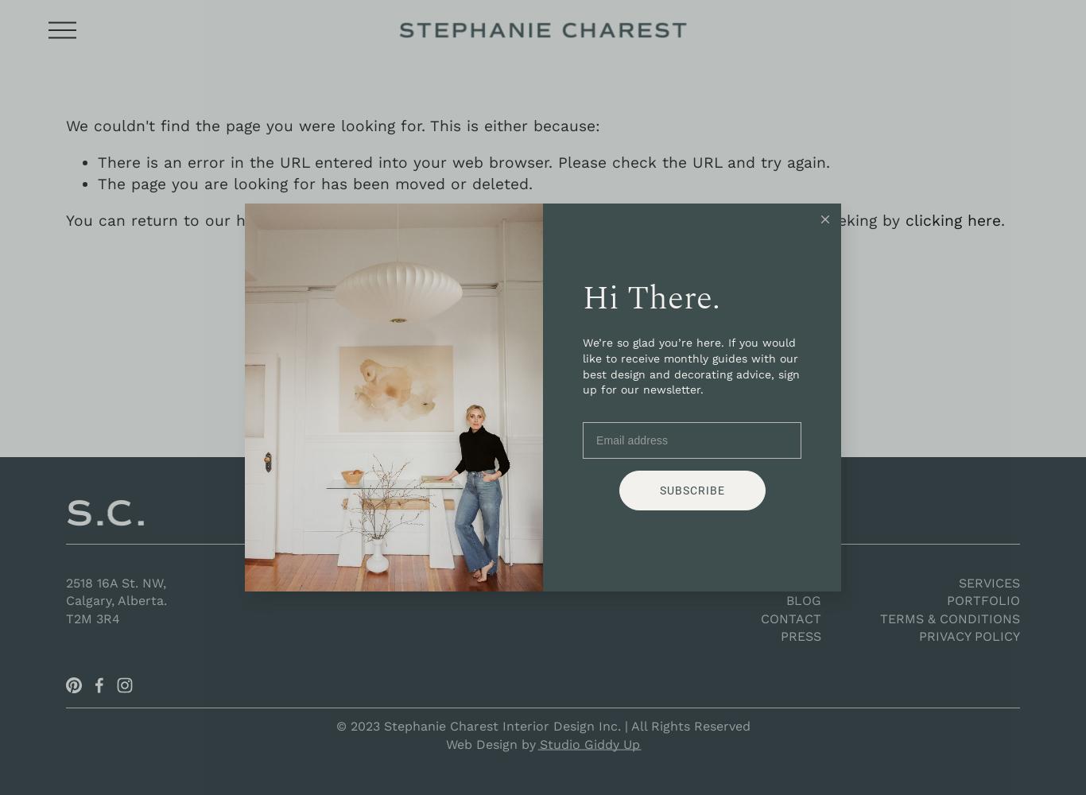 The width and height of the screenshot is (1086, 795). What do you see at coordinates (332, 125) in the screenshot?
I see `'We couldn't find the page you were looking for. This is either because:'` at bounding box center [332, 125].